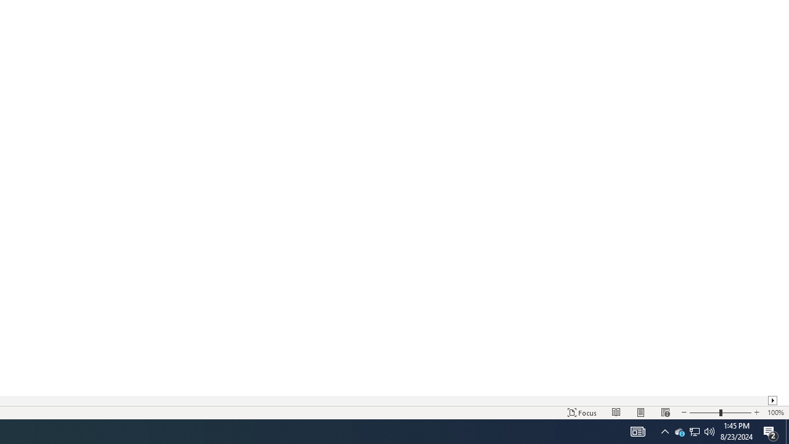  I want to click on 'Column right', so click(772, 400).